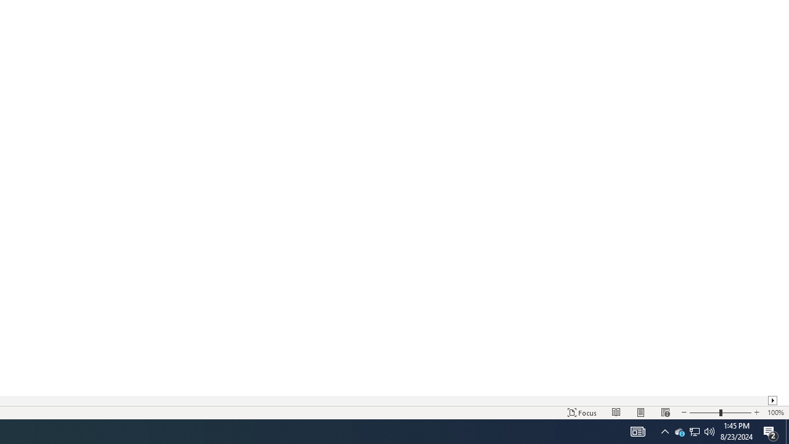  I want to click on 'Column right', so click(772, 400).